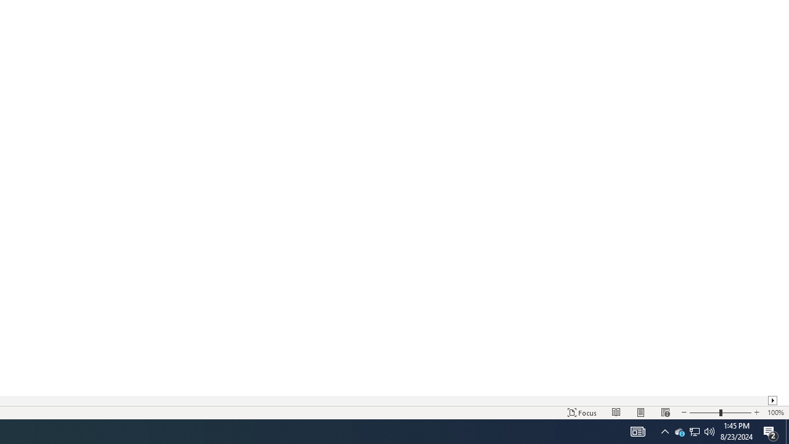  I want to click on 'Column right', so click(772, 400).